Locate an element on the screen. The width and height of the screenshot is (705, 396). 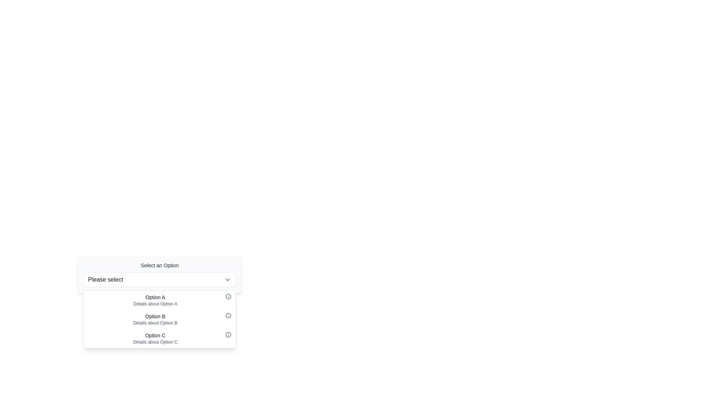
the dropdown menu using tab navigation is located at coordinates (159, 274).